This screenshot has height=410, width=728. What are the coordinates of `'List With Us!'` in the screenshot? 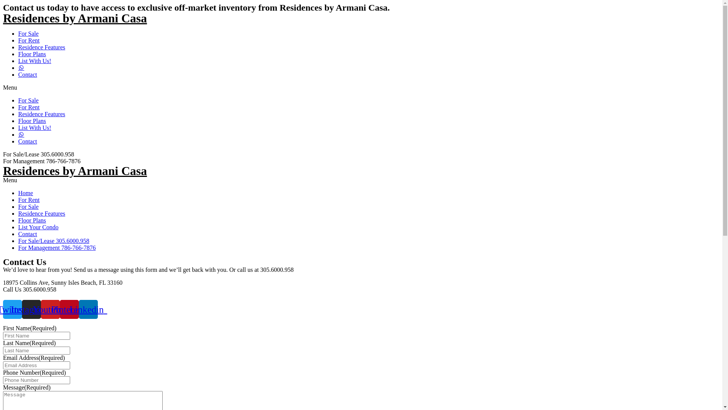 It's located at (34, 127).